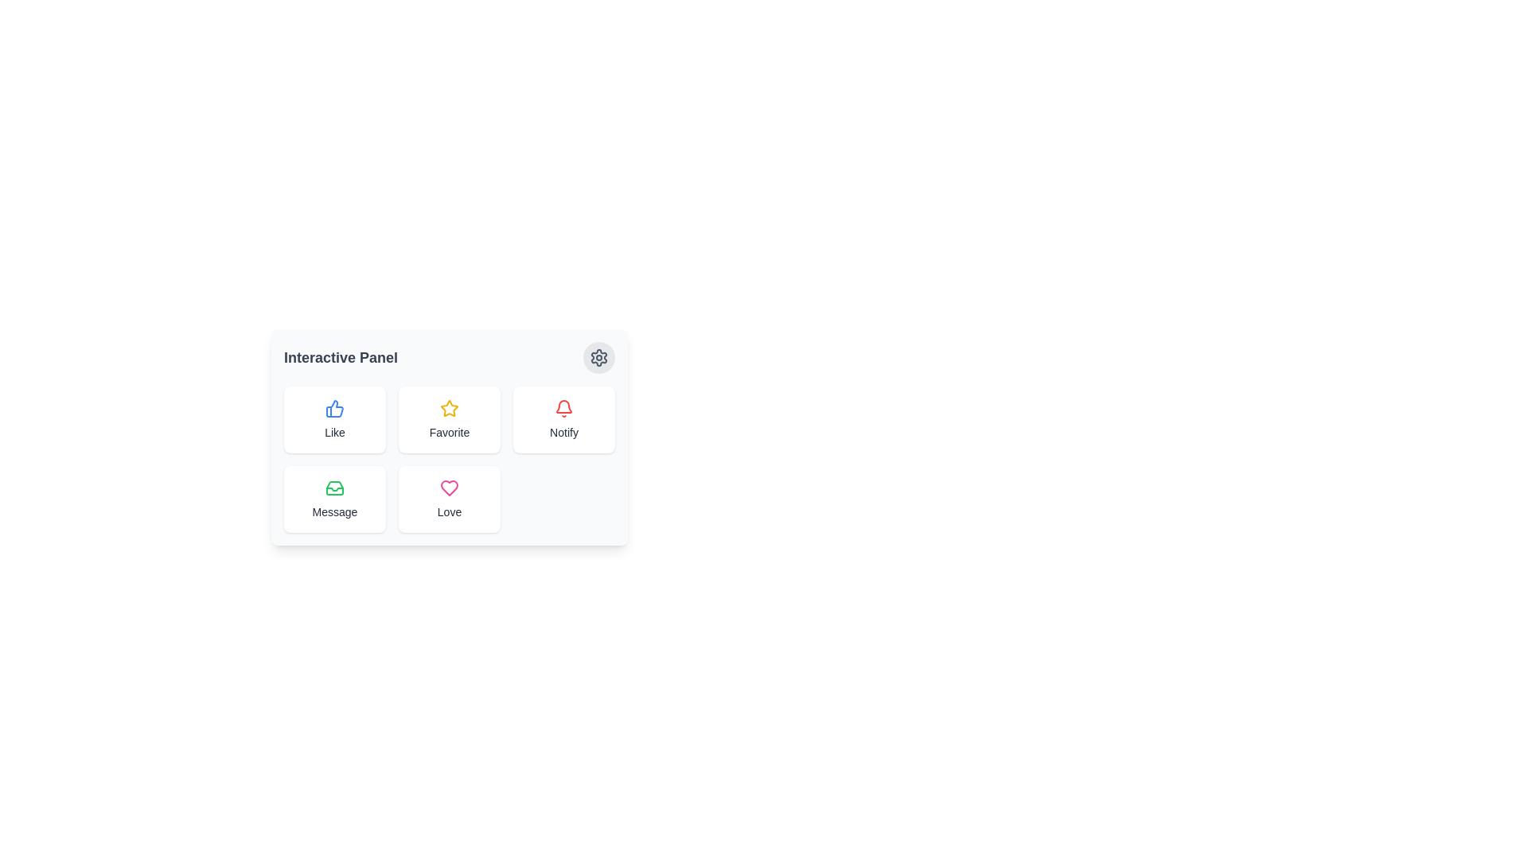  I want to click on the thumbs-up icon button located in the top-left corner of the 'Interactive Panel' section, so click(334, 407).